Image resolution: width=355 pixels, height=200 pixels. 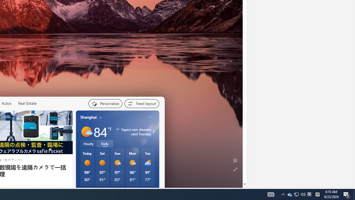 I want to click on 'Expect rain showers next Tuesday', so click(x=153, y=132).